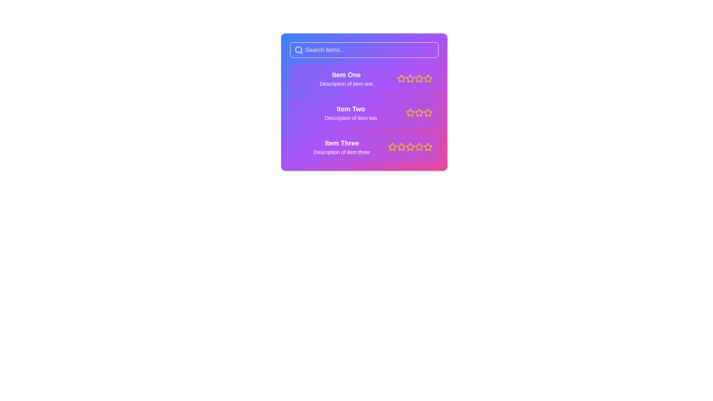  I want to click on the second five-pointed star icon with a yellow outline and purple fill in the rating section, so click(419, 78).